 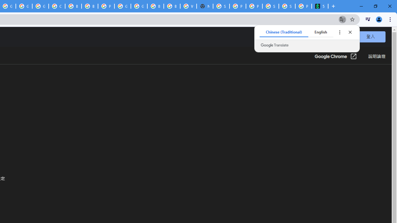 I want to click on 'New Tab', so click(x=205, y=6).